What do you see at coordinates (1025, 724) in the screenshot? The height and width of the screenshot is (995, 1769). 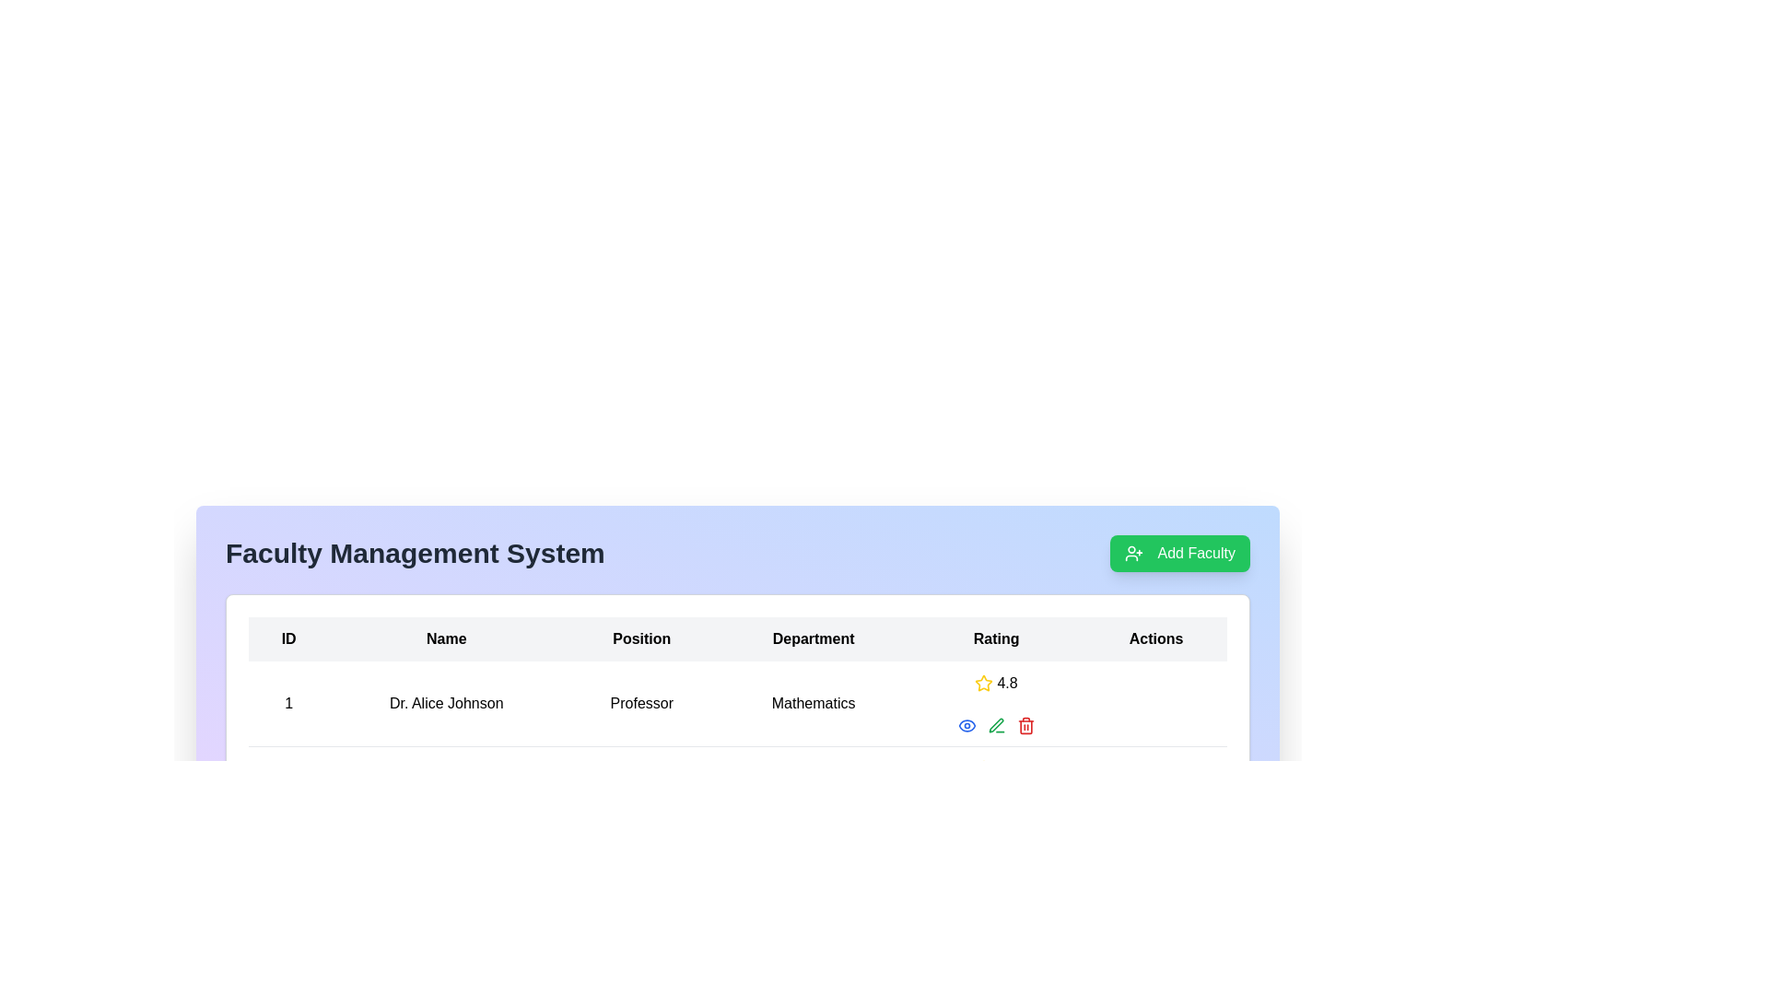 I see `the delete button in the 'Actions' column of the first row` at bounding box center [1025, 724].